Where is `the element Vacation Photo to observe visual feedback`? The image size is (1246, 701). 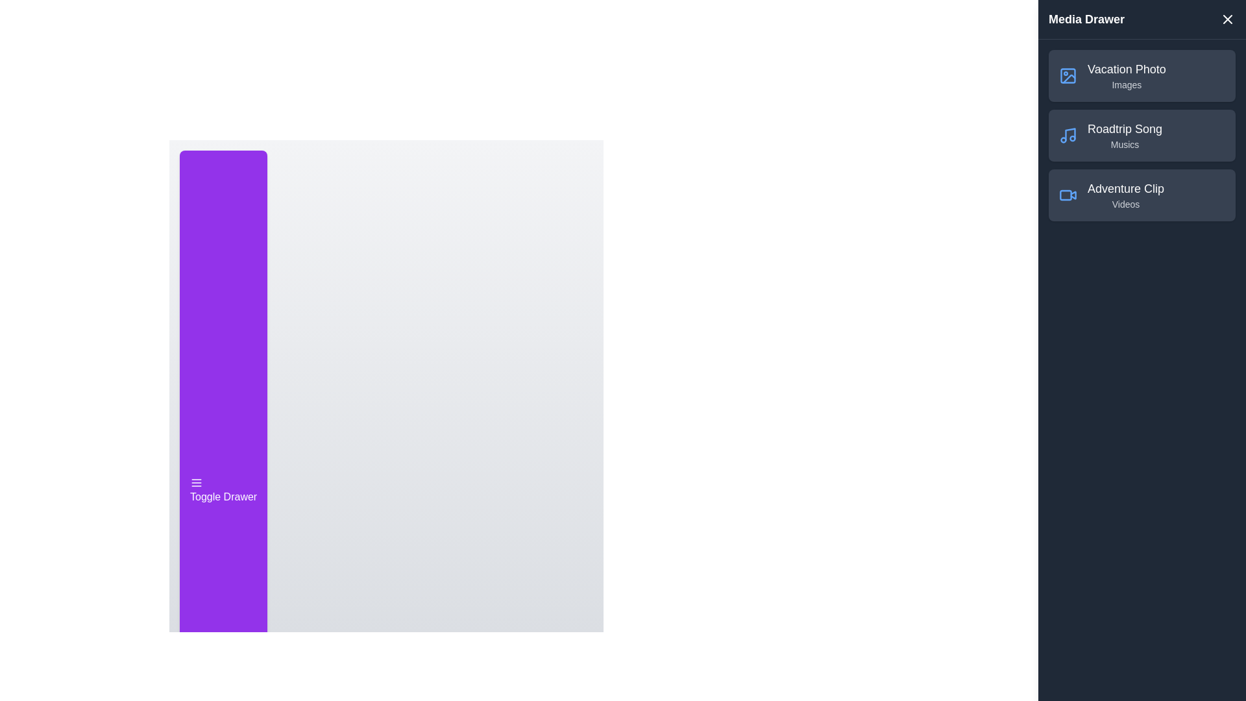
the element Vacation Photo to observe visual feedback is located at coordinates (1068, 75).